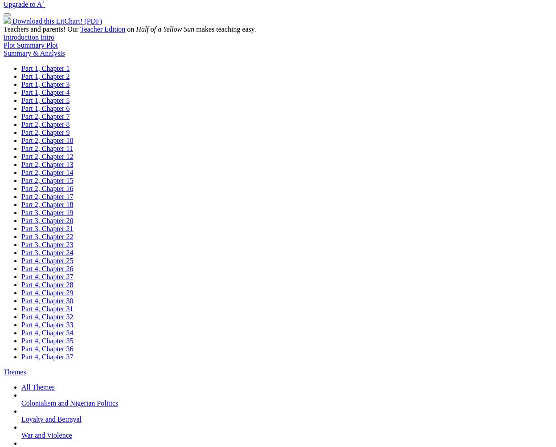  What do you see at coordinates (47, 148) in the screenshot?
I see `'Part 2, Chapter 11'` at bounding box center [47, 148].